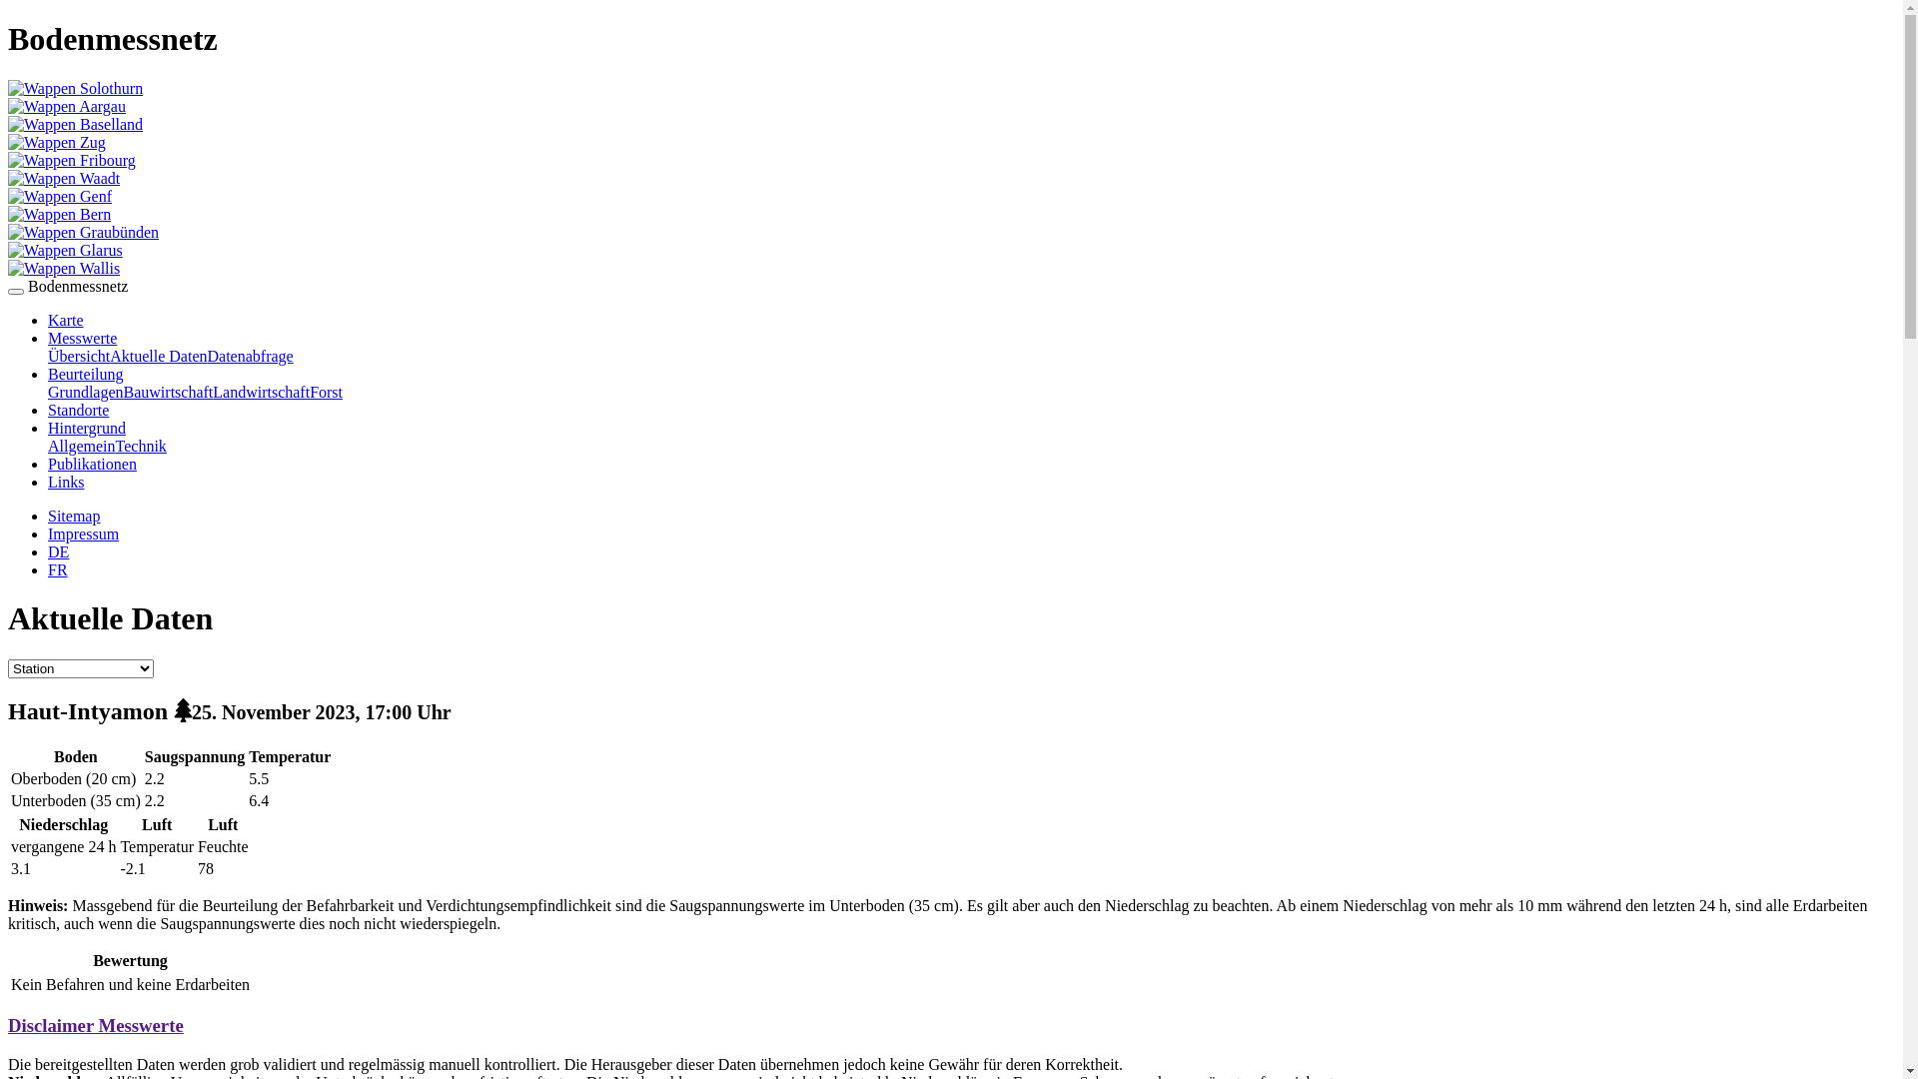 Image resolution: width=1918 pixels, height=1079 pixels. What do you see at coordinates (140, 445) in the screenshot?
I see `'Technik'` at bounding box center [140, 445].